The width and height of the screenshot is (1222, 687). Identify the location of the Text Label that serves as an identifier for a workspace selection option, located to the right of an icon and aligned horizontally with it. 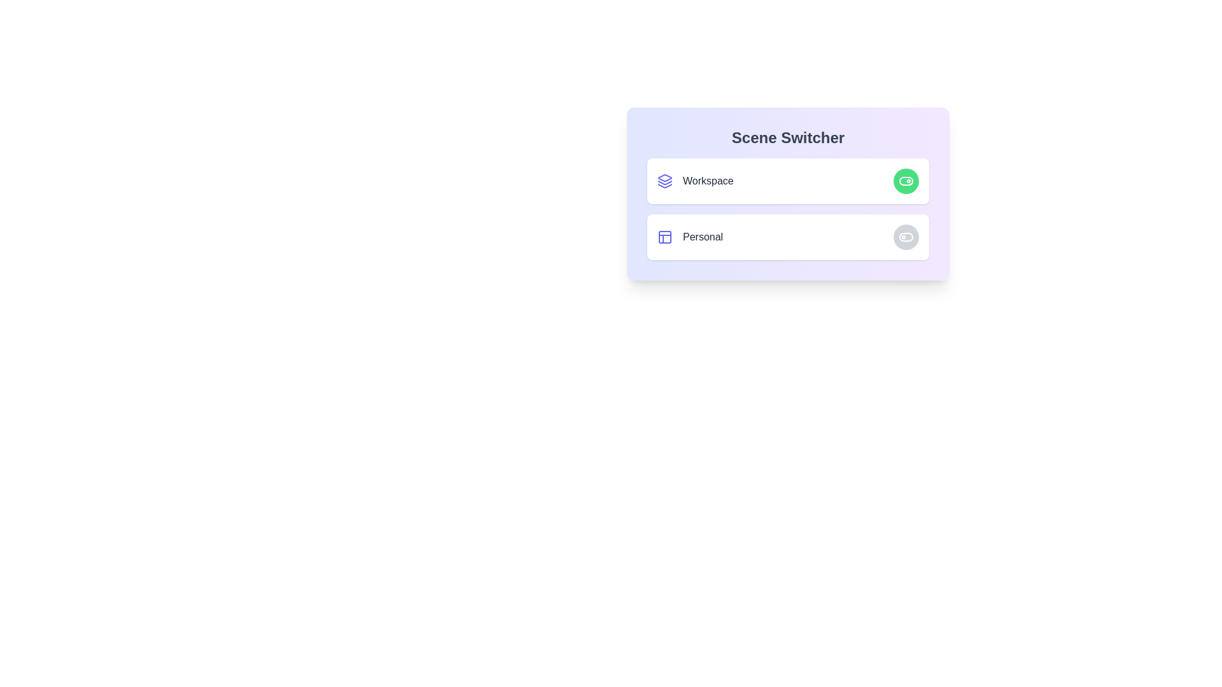
(707, 181).